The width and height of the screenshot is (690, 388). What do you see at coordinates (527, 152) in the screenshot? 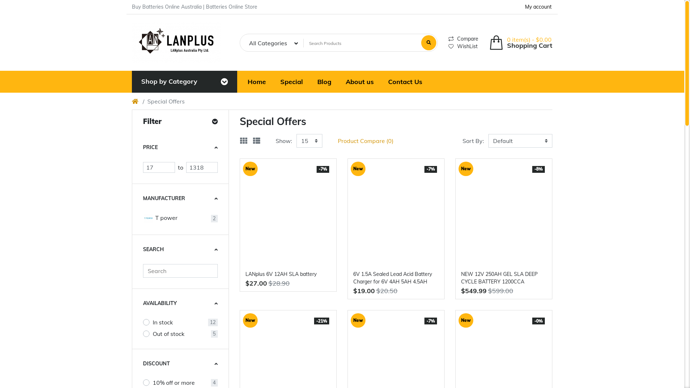
I see `'Compare this Product'` at bounding box center [527, 152].